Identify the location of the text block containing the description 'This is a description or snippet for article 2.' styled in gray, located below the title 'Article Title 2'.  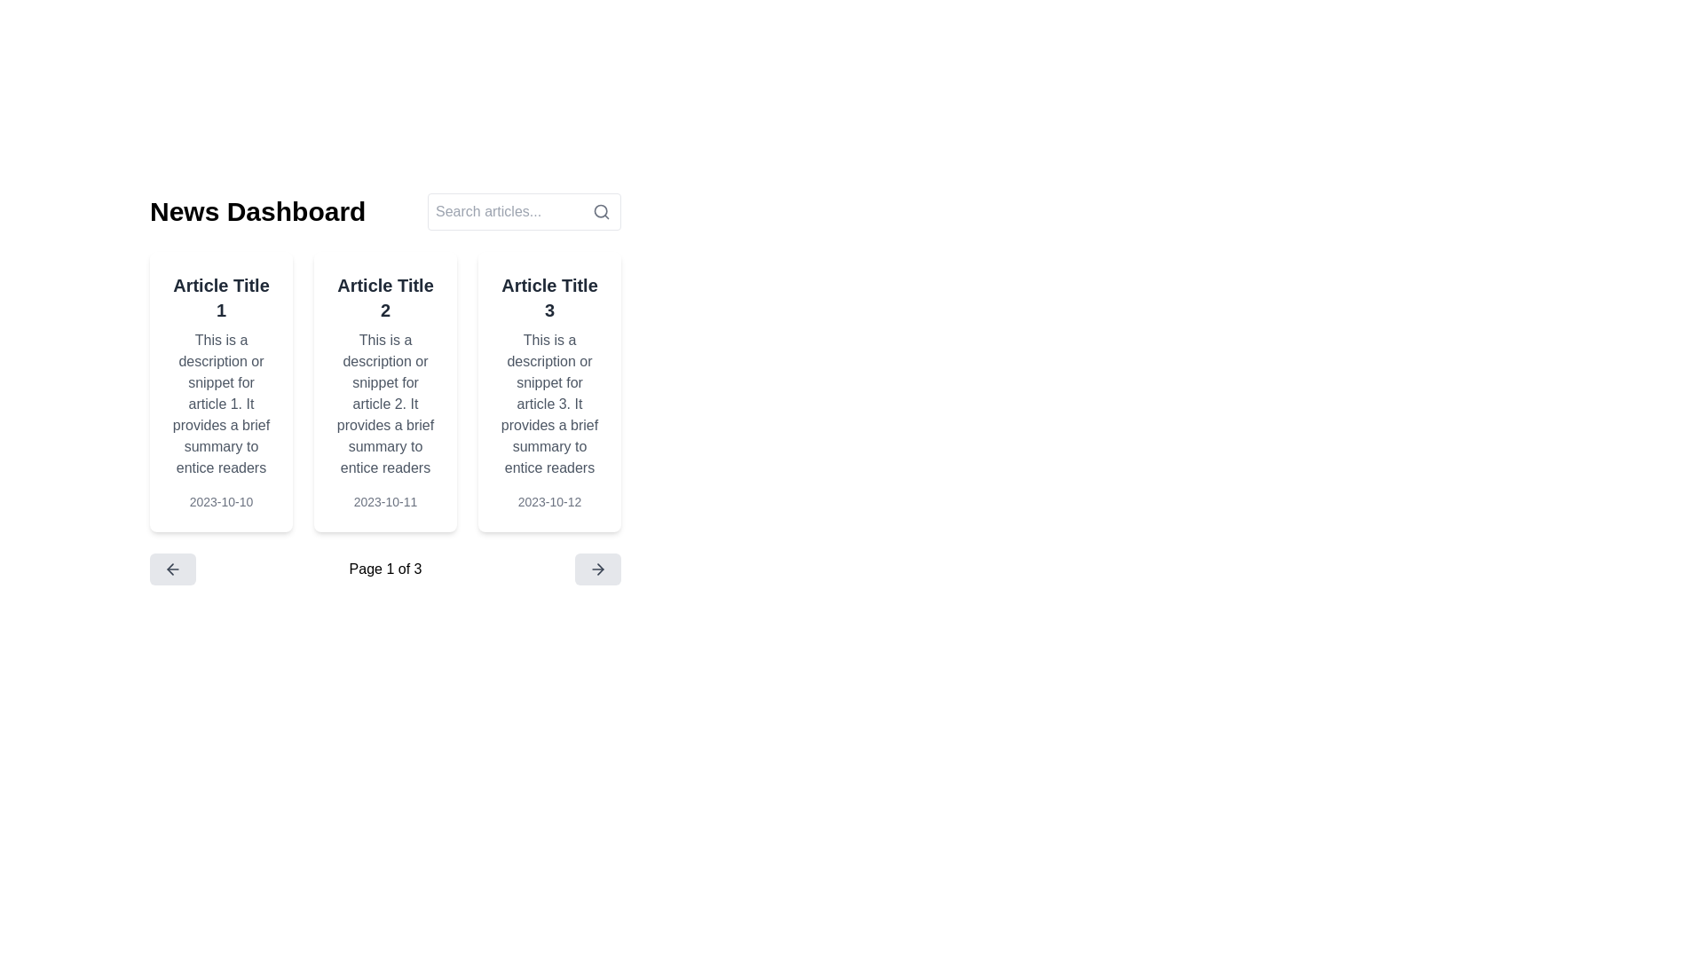
(384, 404).